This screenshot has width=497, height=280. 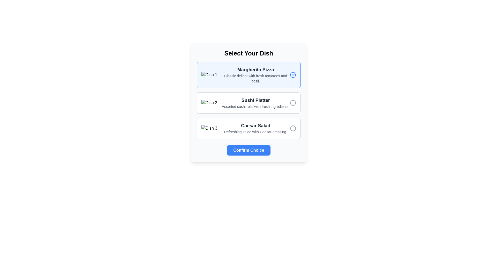 What do you see at coordinates (255, 126) in the screenshot?
I see `the text label displaying 'Caesar Salad', which serves as the title for the associated dish option in the third position of the selectable dish list` at bounding box center [255, 126].